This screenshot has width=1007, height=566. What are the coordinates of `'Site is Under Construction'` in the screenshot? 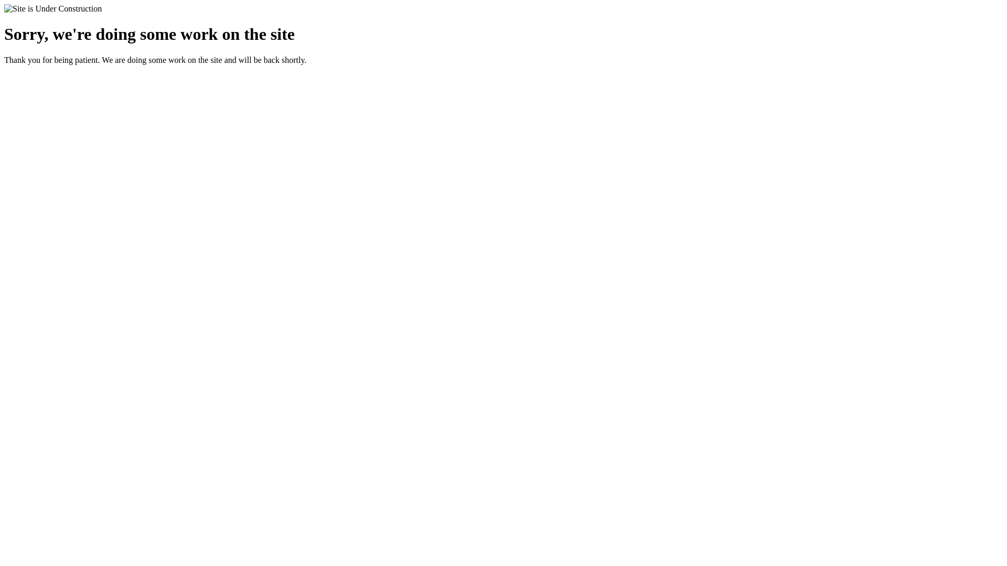 It's located at (52, 8).